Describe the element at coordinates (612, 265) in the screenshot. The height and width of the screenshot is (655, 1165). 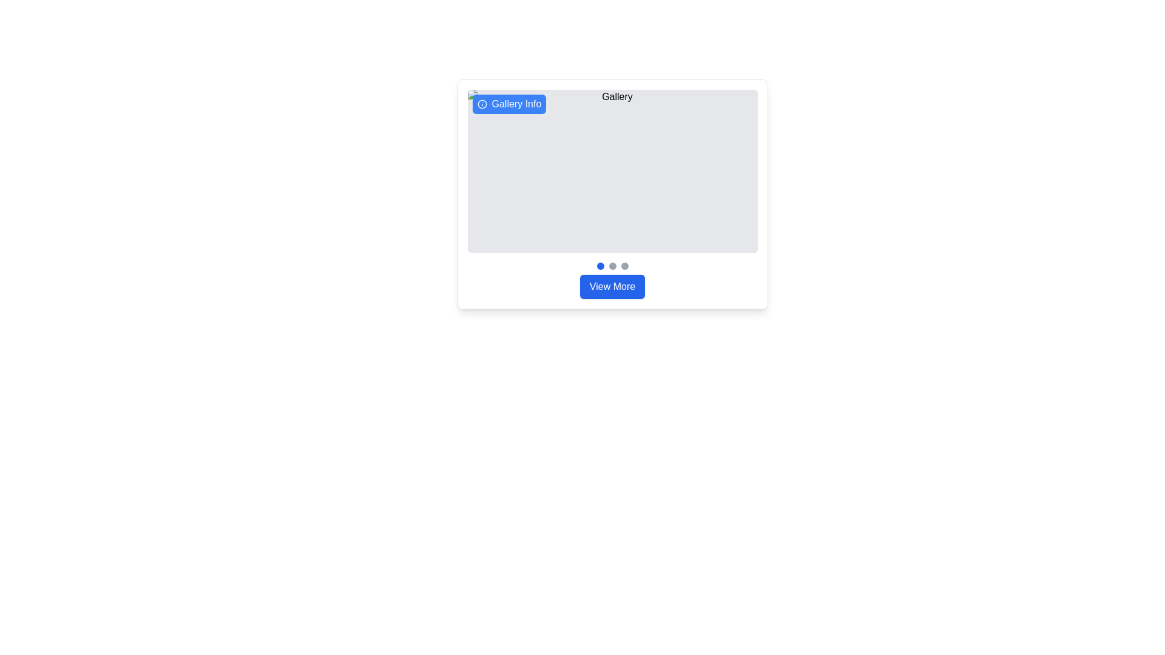
I see `the active blue circular indicator of the Carousel navigation below the 'Gallery' section` at that location.